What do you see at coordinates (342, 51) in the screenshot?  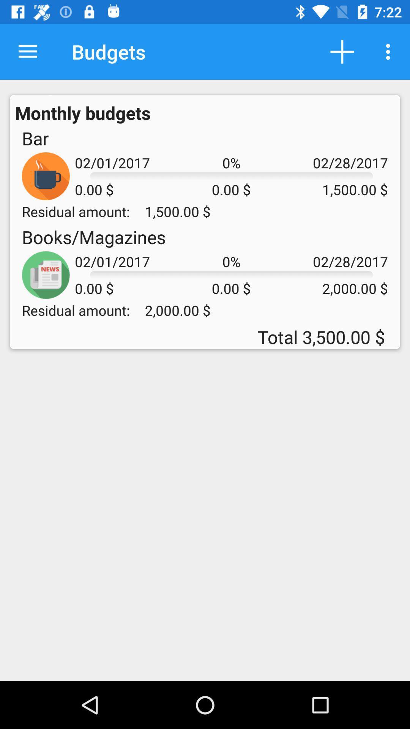 I see `the icon next to the budgets` at bounding box center [342, 51].